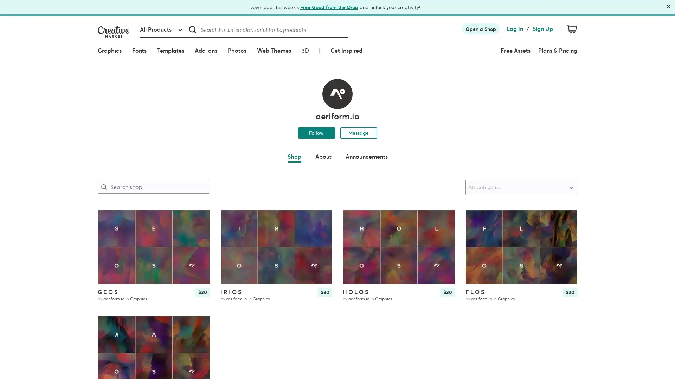  I want to click on Pin to Pinterest, so click(354, 221).